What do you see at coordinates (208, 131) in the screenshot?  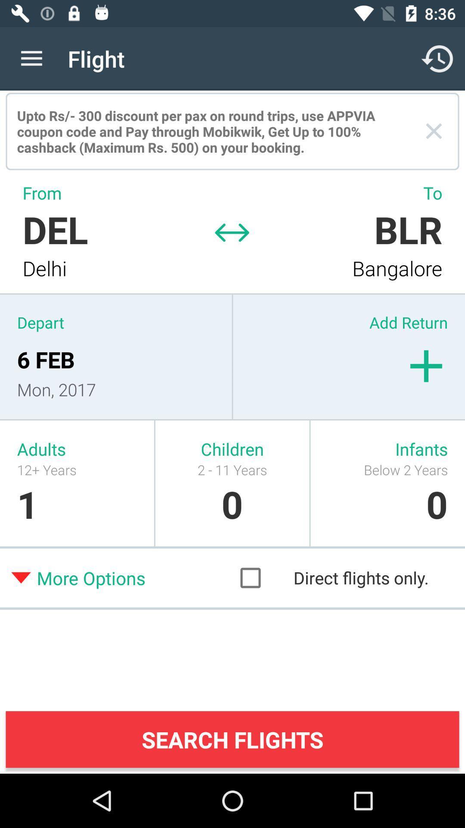 I see `3 lines text which is below flight on the page` at bounding box center [208, 131].